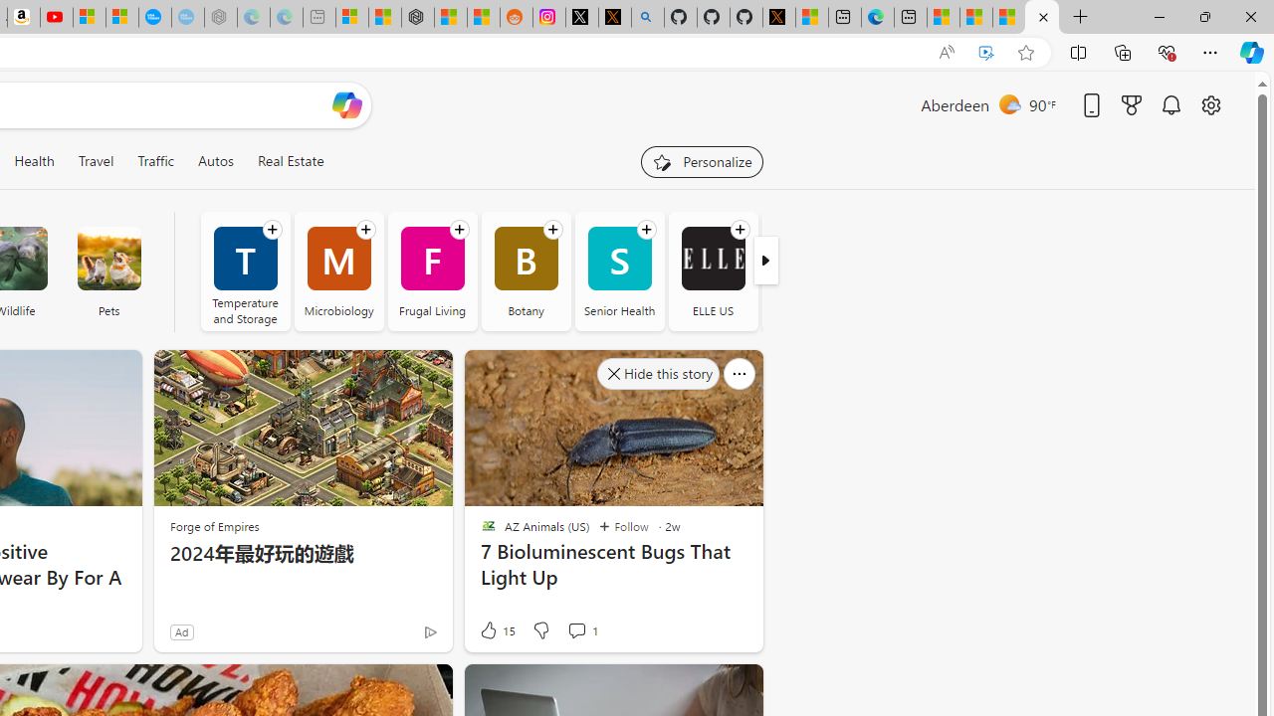 The width and height of the screenshot is (1274, 716). What do you see at coordinates (1209, 104) in the screenshot?
I see `'Open settings'` at bounding box center [1209, 104].